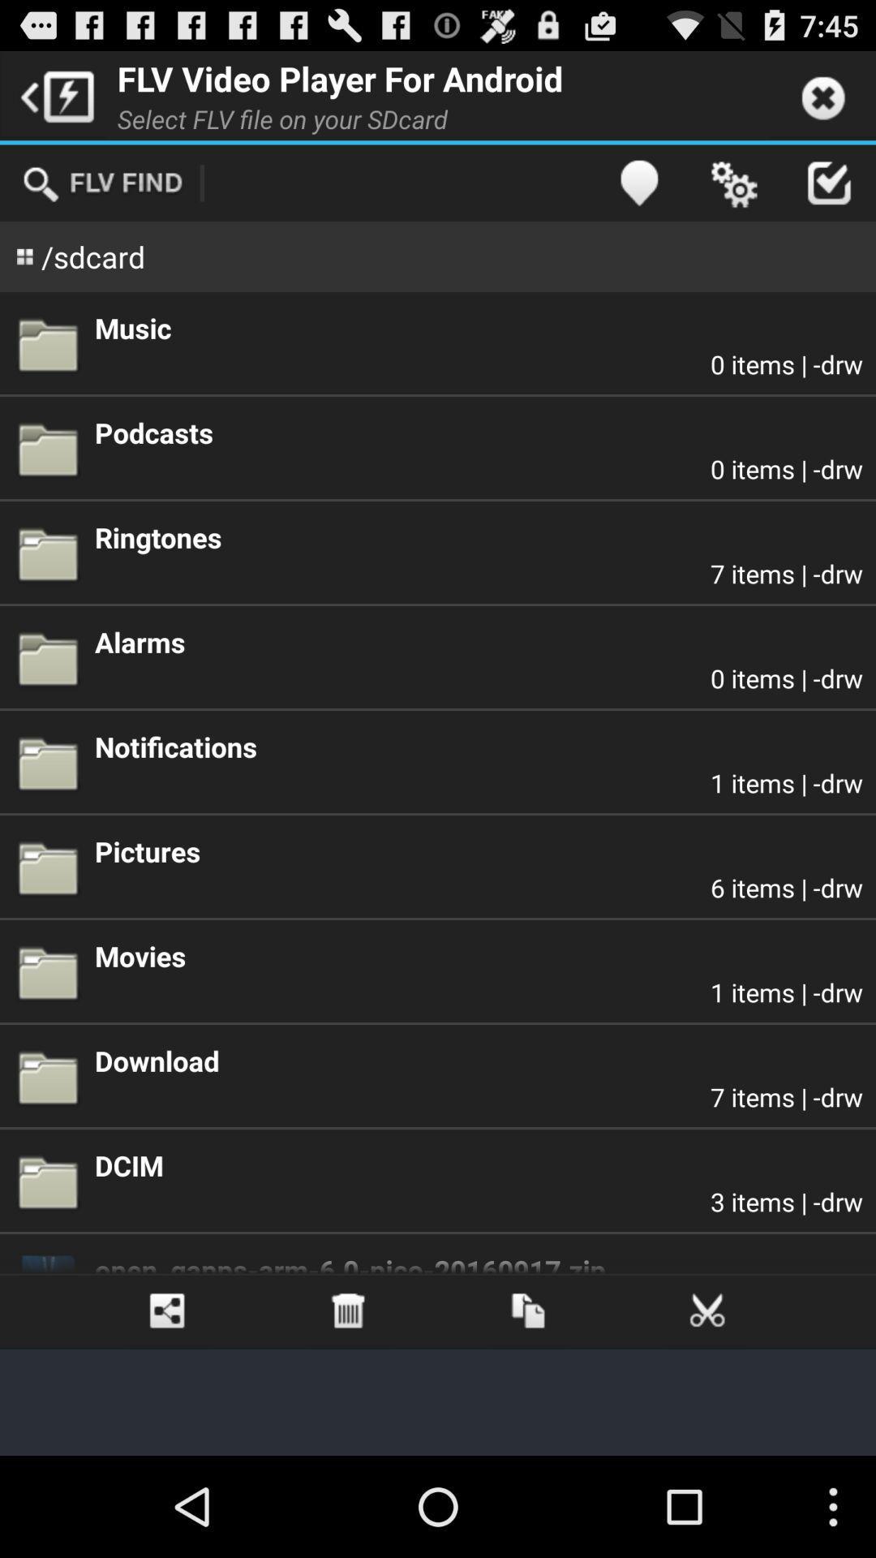 This screenshot has height=1558, width=876. I want to click on dcim, so click(478, 1164).